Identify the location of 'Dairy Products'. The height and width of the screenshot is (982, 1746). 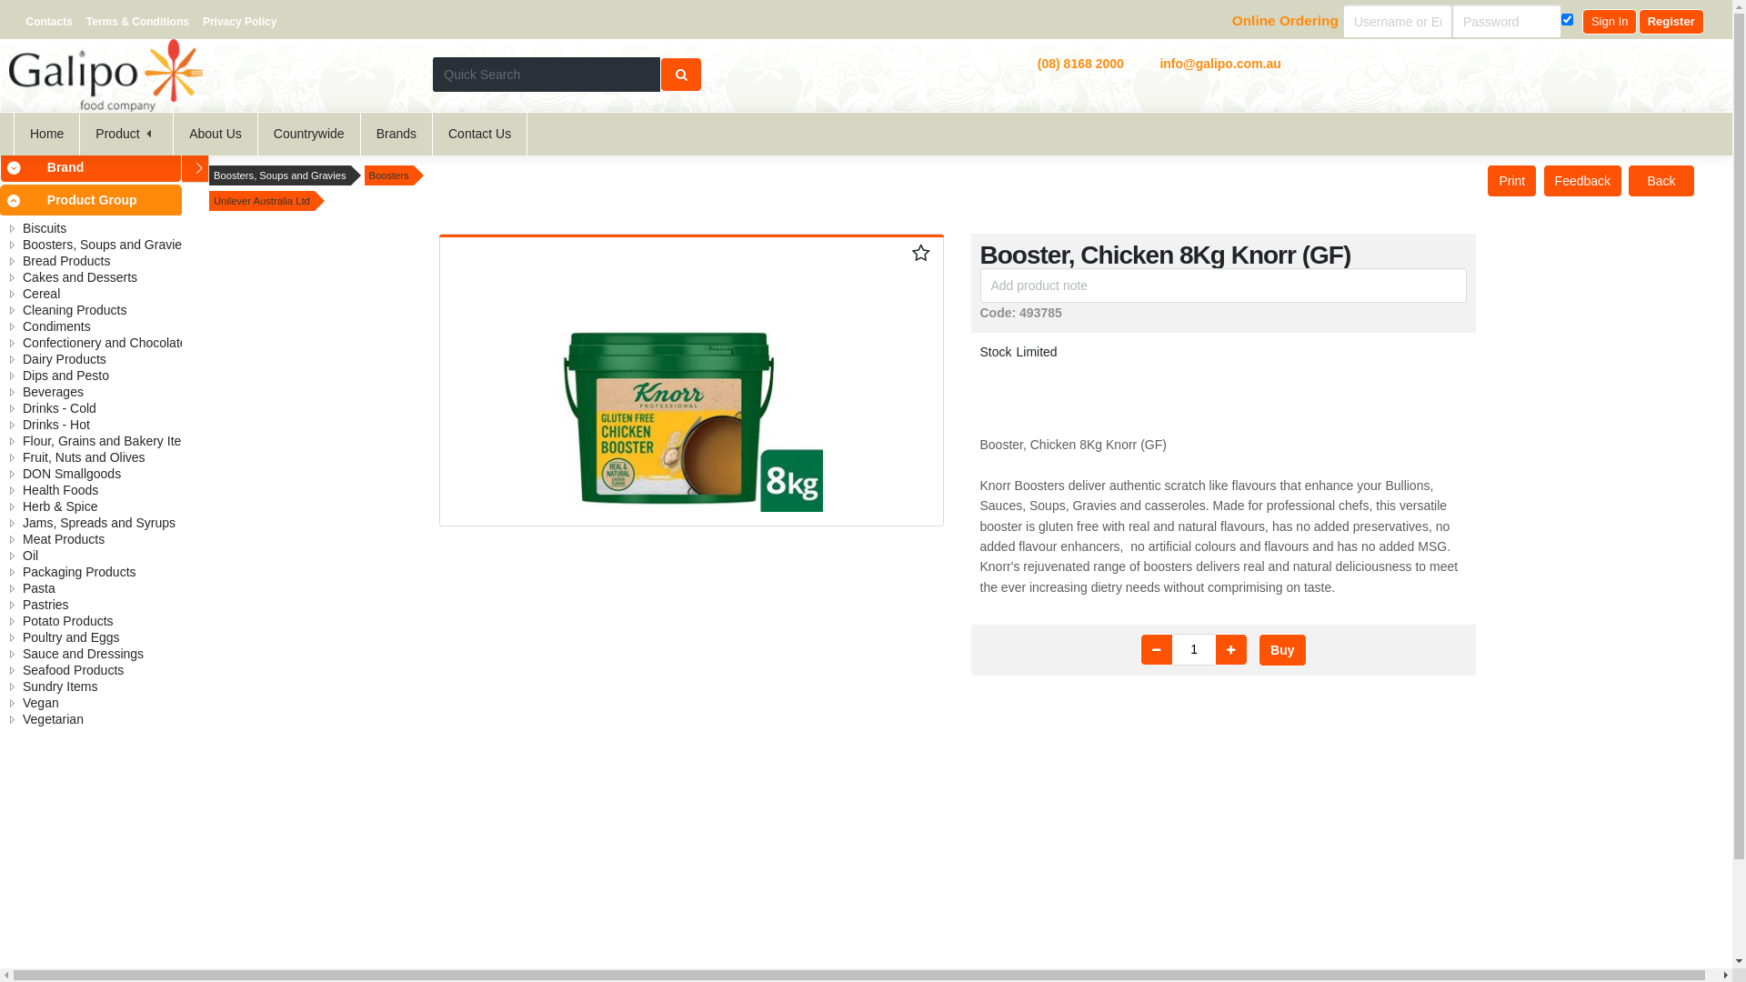
(65, 358).